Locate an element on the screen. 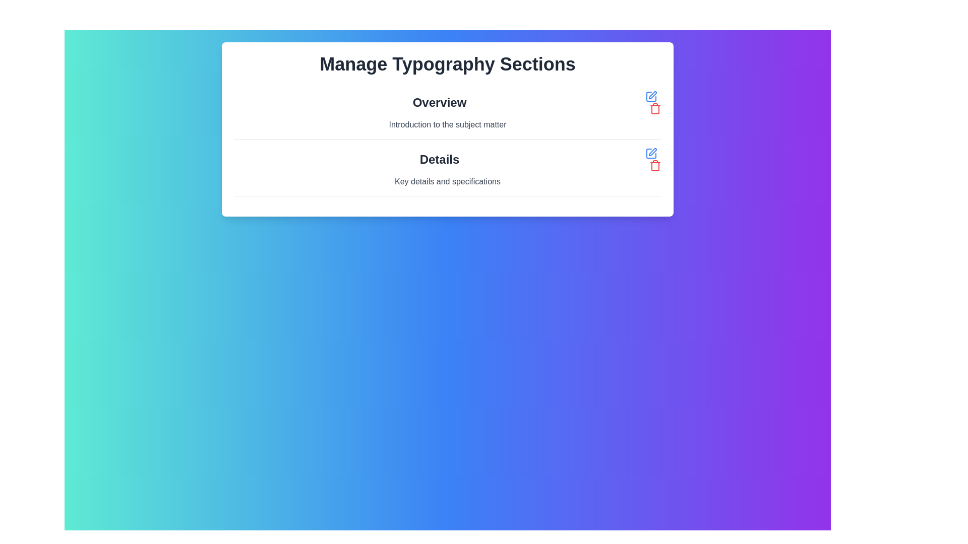 The image size is (968, 544). the first icon in the interactive toolbar on the right edge of the 'Details' section to initiate editing is located at coordinates (651, 153).